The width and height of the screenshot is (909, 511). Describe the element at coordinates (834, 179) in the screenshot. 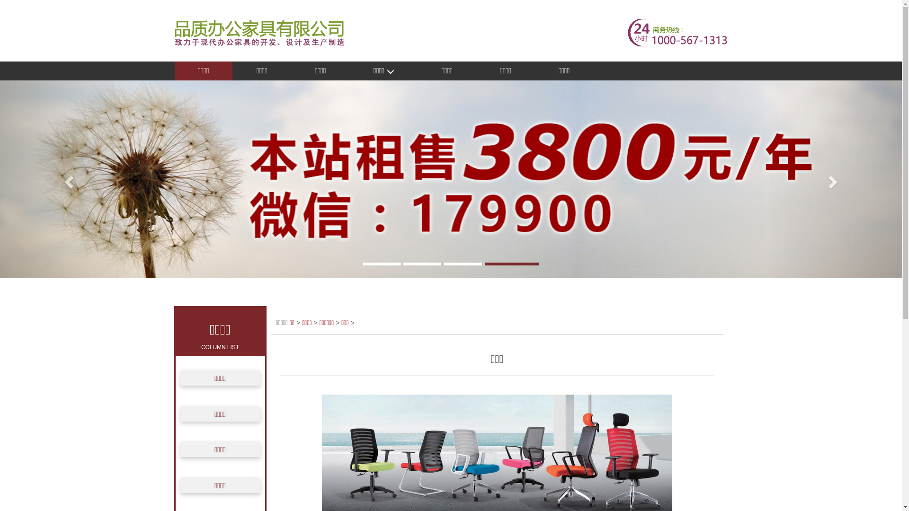

I see `'Next'` at that location.